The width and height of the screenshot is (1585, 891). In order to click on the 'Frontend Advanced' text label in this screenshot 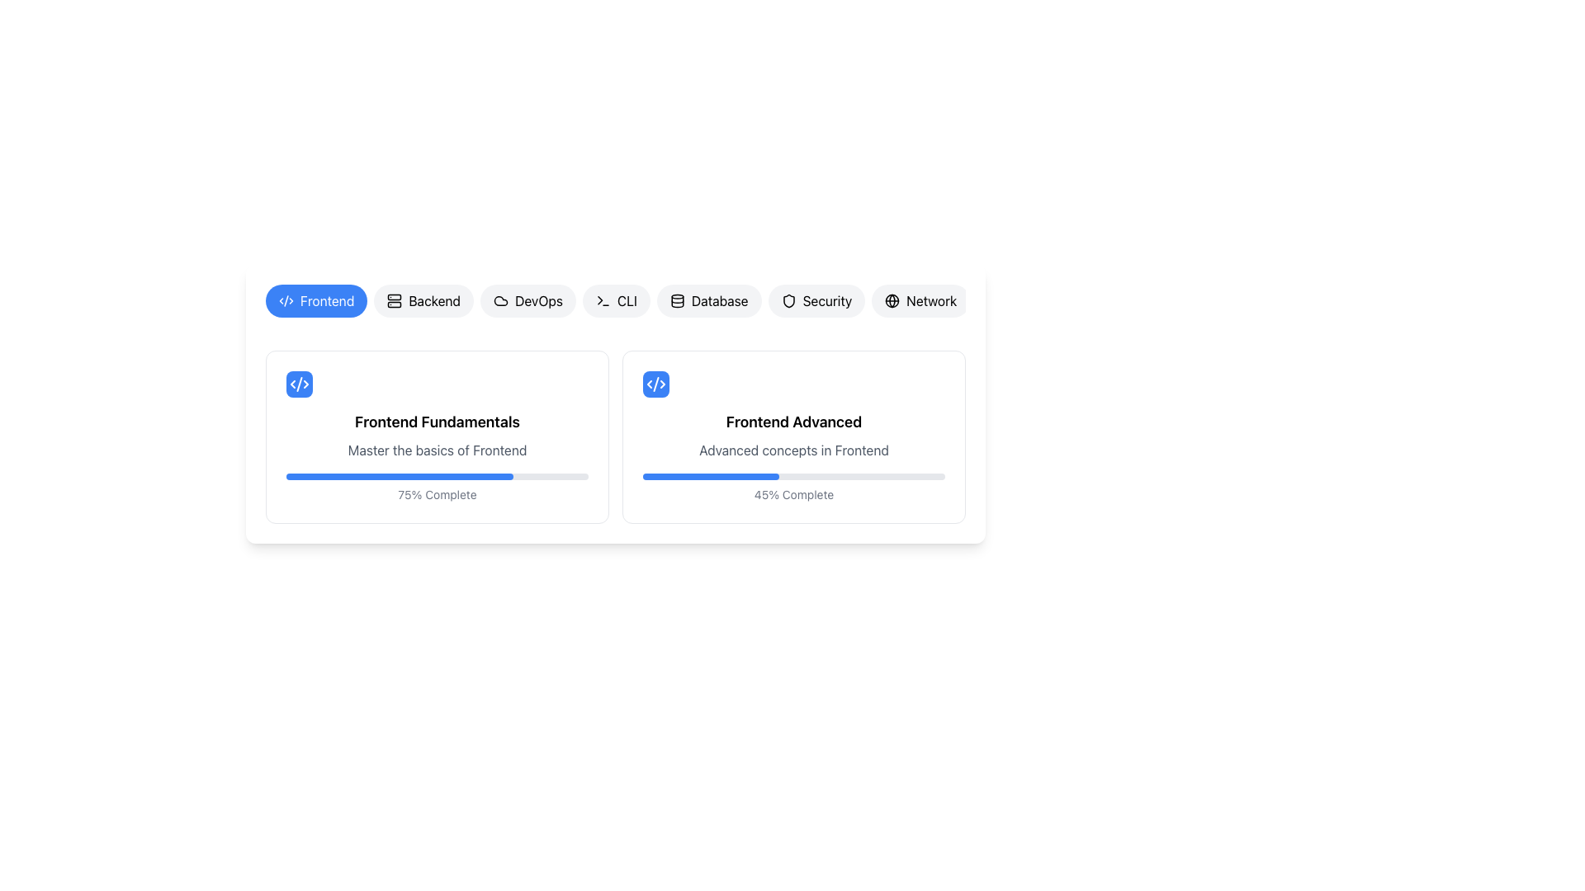, I will do `click(793, 422)`.